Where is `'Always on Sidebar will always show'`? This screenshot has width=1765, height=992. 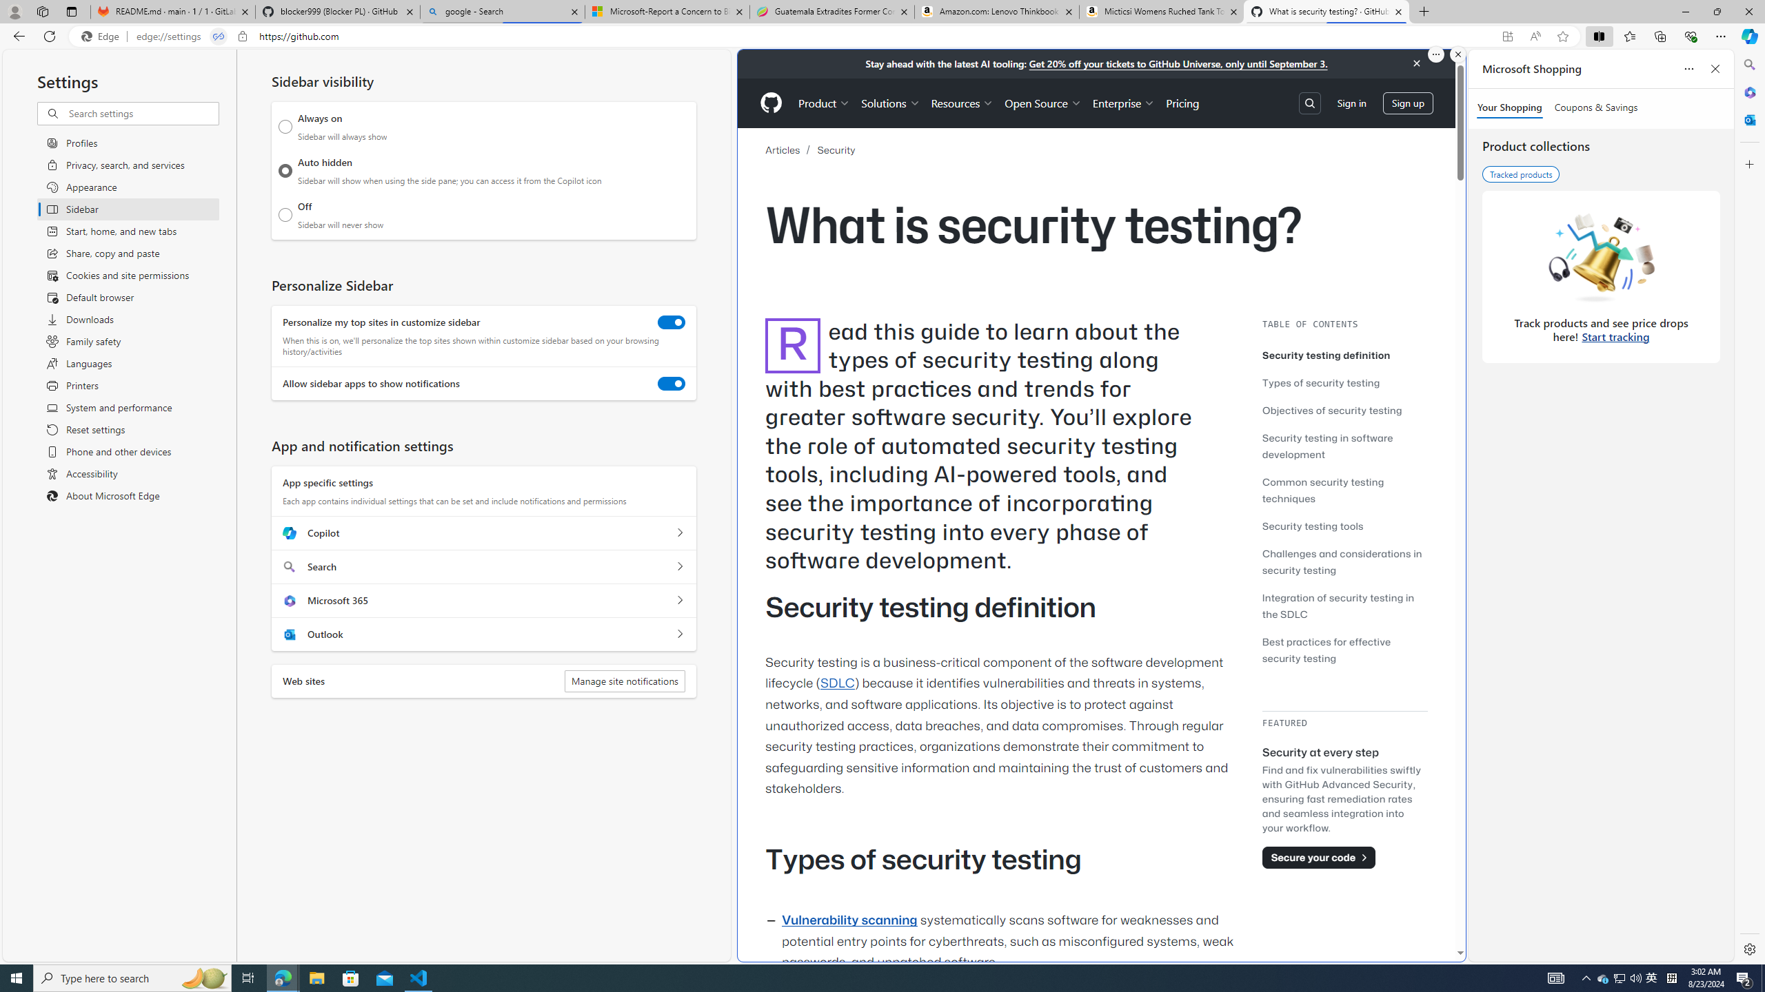
'Always on Sidebar will always show' is located at coordinates (285, 126).